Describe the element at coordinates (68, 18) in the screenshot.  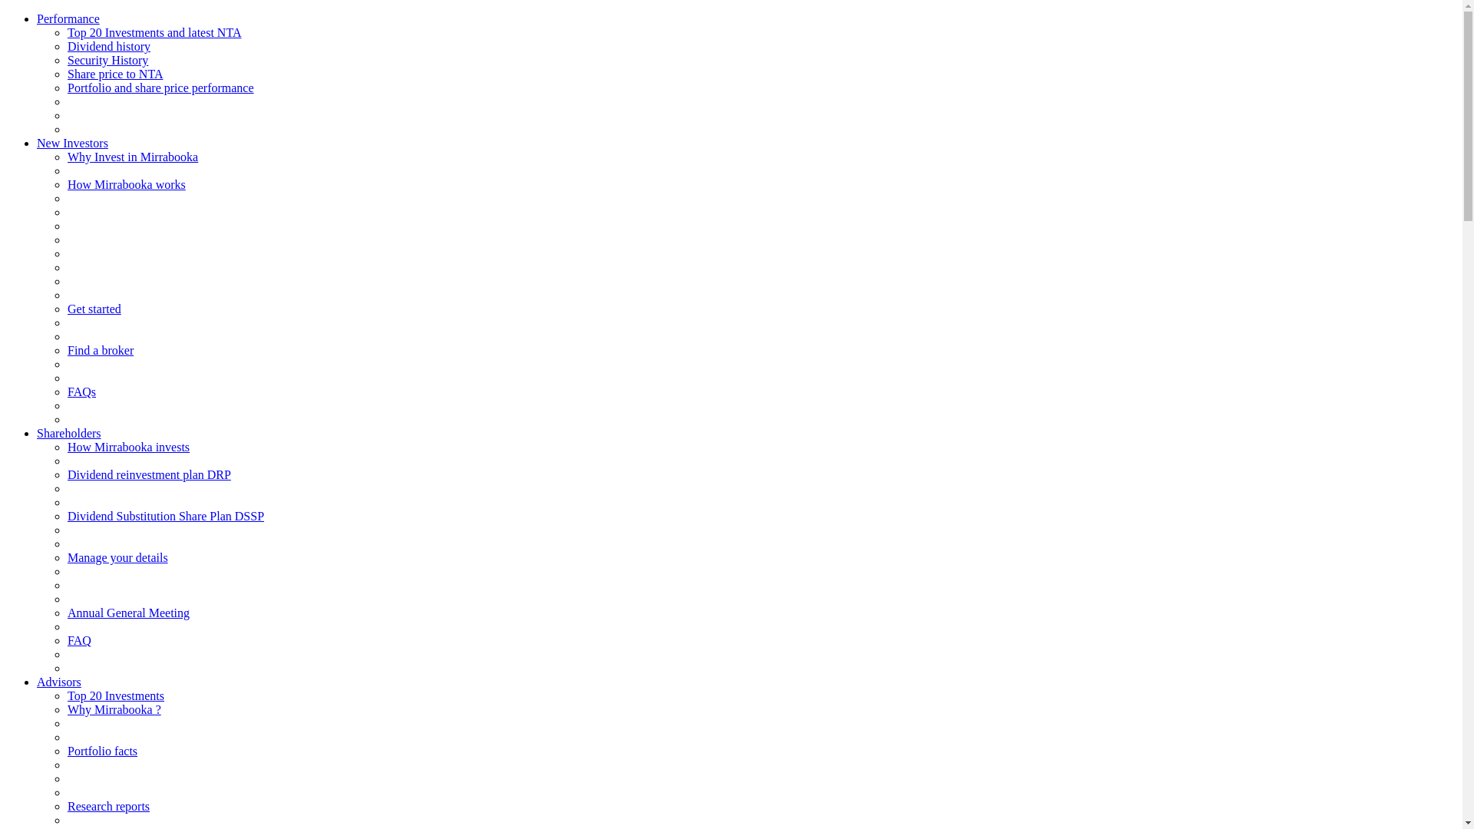
I see `'Performance'` at that location.